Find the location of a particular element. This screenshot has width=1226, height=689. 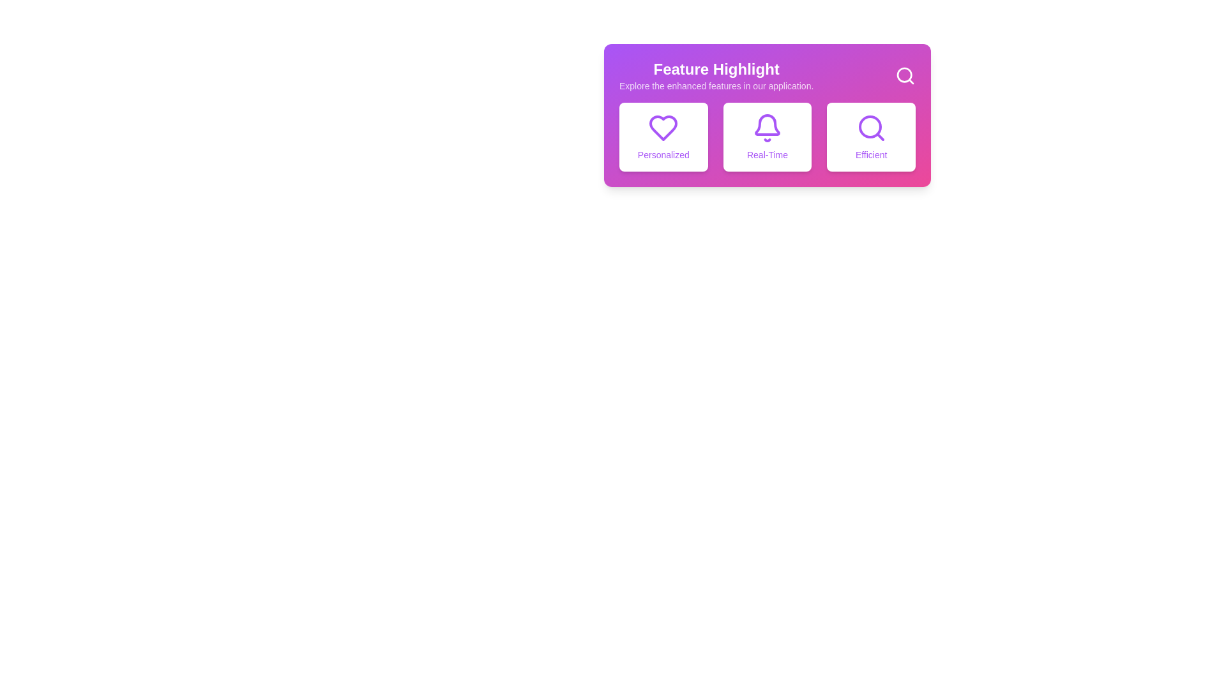

the notification bell icon located centrally within the second square option in the horizontal row of three options below the 'Feature Highlight' section is located at coordinates (766, 125).